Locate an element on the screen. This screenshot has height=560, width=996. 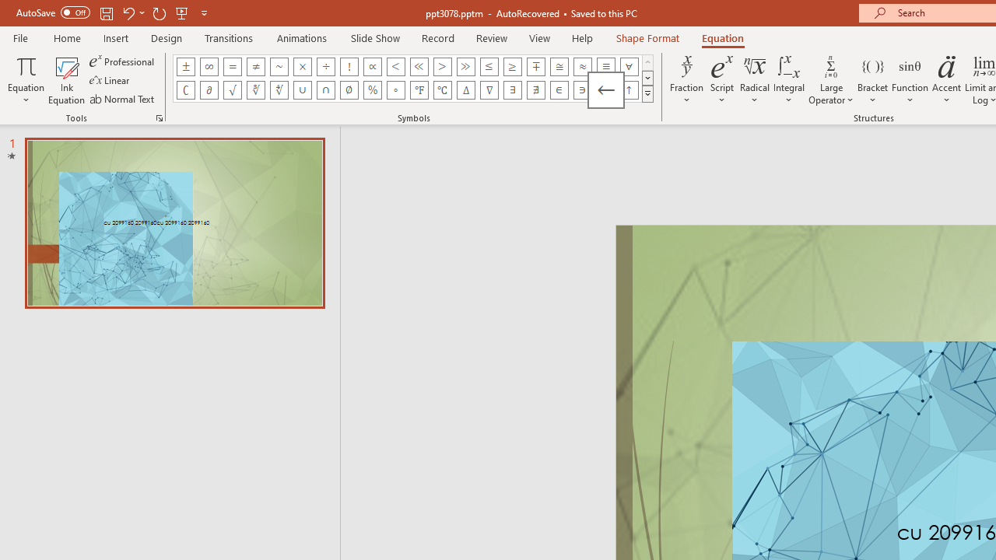
'Equation Symbol Complement' is located at coordinates (185, 89).